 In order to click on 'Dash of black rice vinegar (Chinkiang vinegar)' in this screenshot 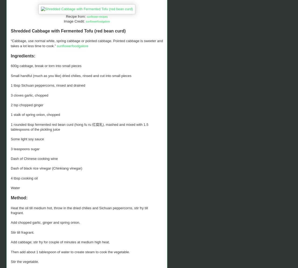, I will do `click(46, 168)`.